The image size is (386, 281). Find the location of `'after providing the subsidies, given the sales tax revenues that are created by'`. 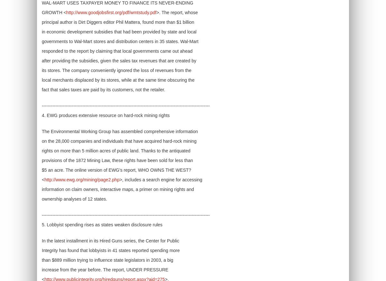

'after providing the subsidies, given the sales tax revenues that are created by' is located at coordinates (41, 60).